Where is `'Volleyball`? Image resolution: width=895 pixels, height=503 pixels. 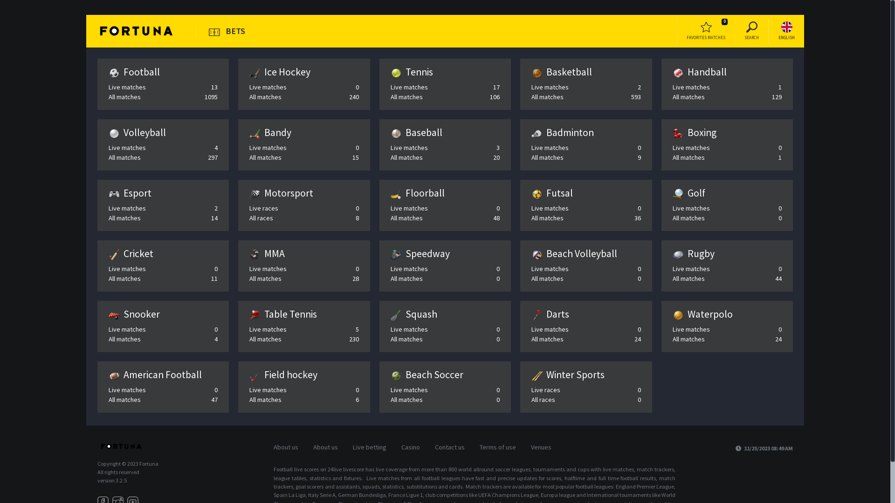
'Volleyball is located at coordinates (163, 145).